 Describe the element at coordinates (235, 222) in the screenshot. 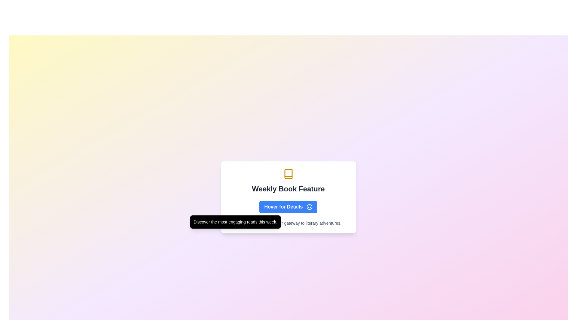

I see `the text label that reads 'Discover the most engaging reads this week.' which is styled in white text on a black rectangular background with rounded corners, located near the bottom of the floating card` at that location.